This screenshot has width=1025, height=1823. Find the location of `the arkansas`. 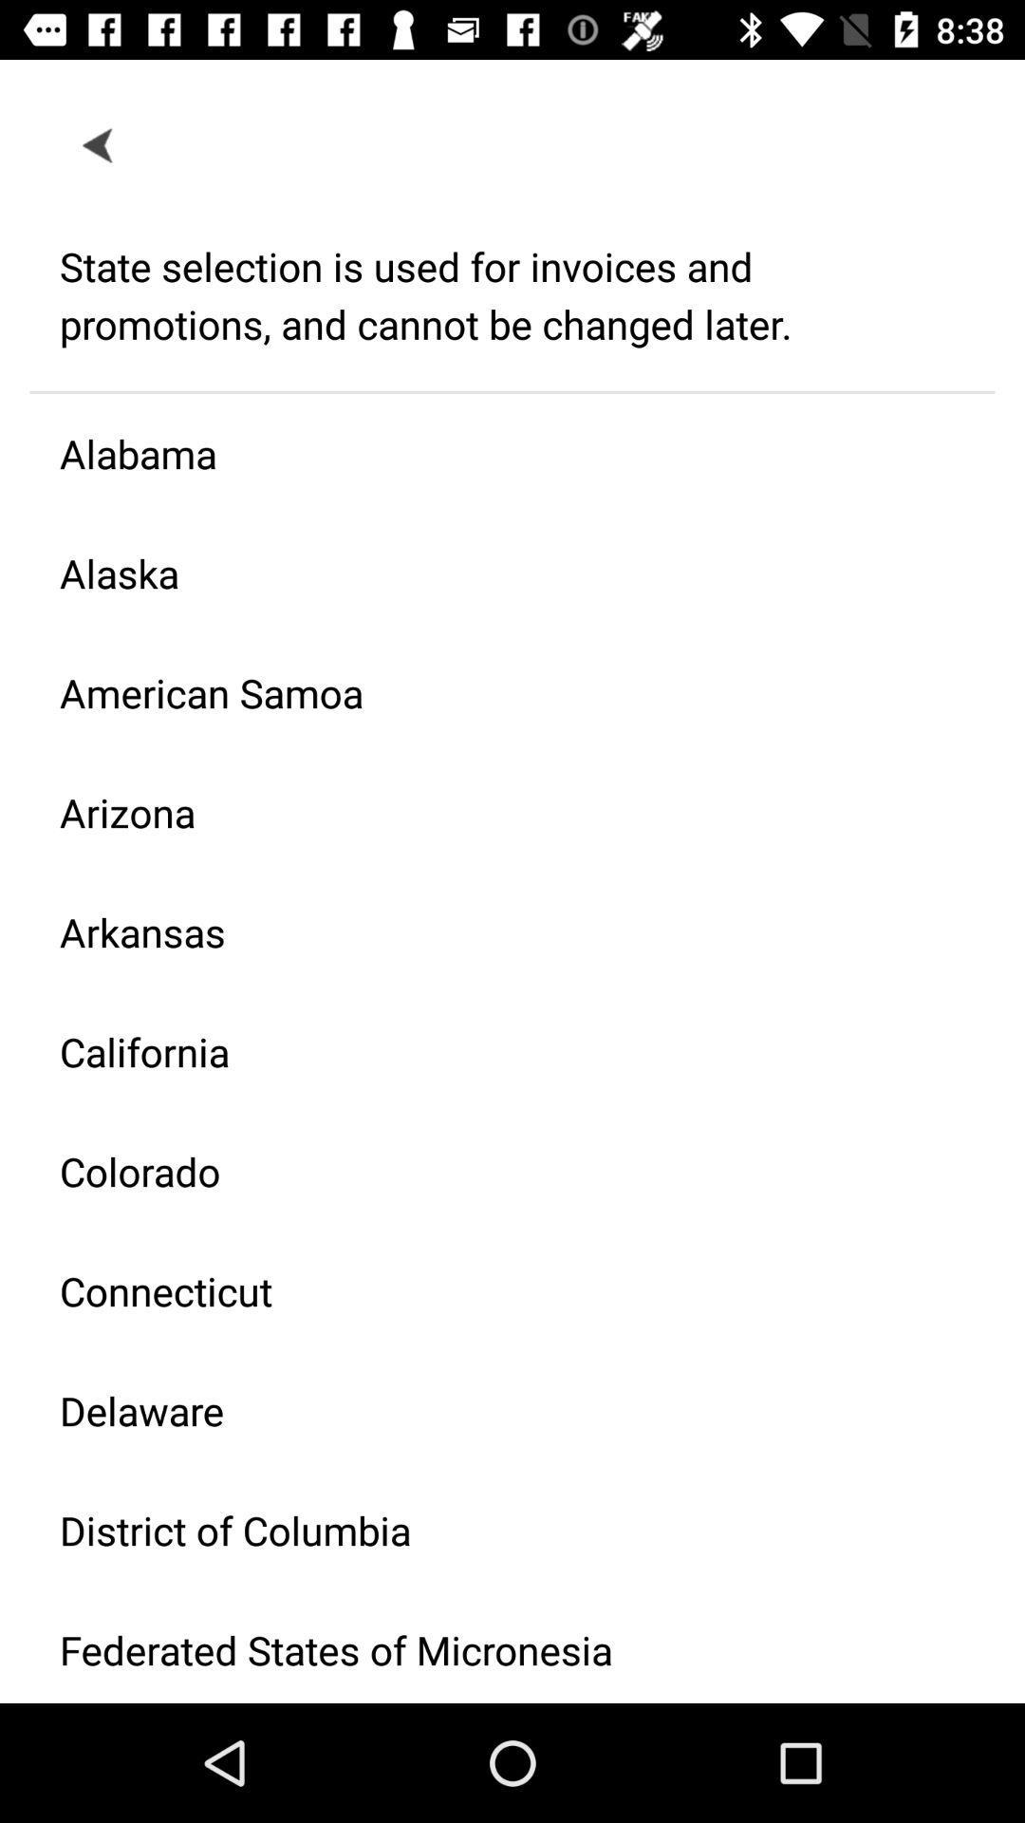

the arkansas is located at coordinates (496, 931).